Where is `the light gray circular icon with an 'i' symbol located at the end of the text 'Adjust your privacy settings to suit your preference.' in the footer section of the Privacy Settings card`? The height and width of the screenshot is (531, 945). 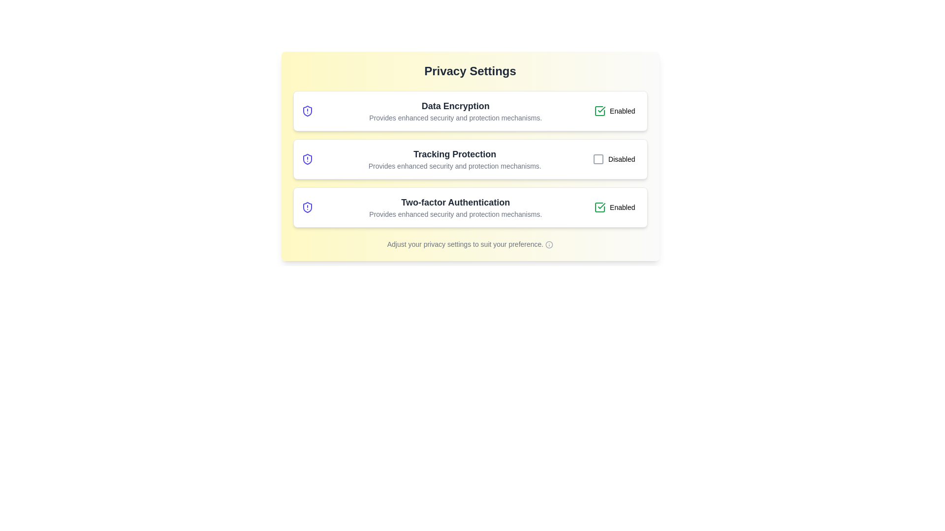
the light gray circular icon with an 'i' symbol located at the end of the text 'Adjust your privacy settings to suit your preference.' in the footer section of the Privacy Settings card is located at coordinates (549, 244).